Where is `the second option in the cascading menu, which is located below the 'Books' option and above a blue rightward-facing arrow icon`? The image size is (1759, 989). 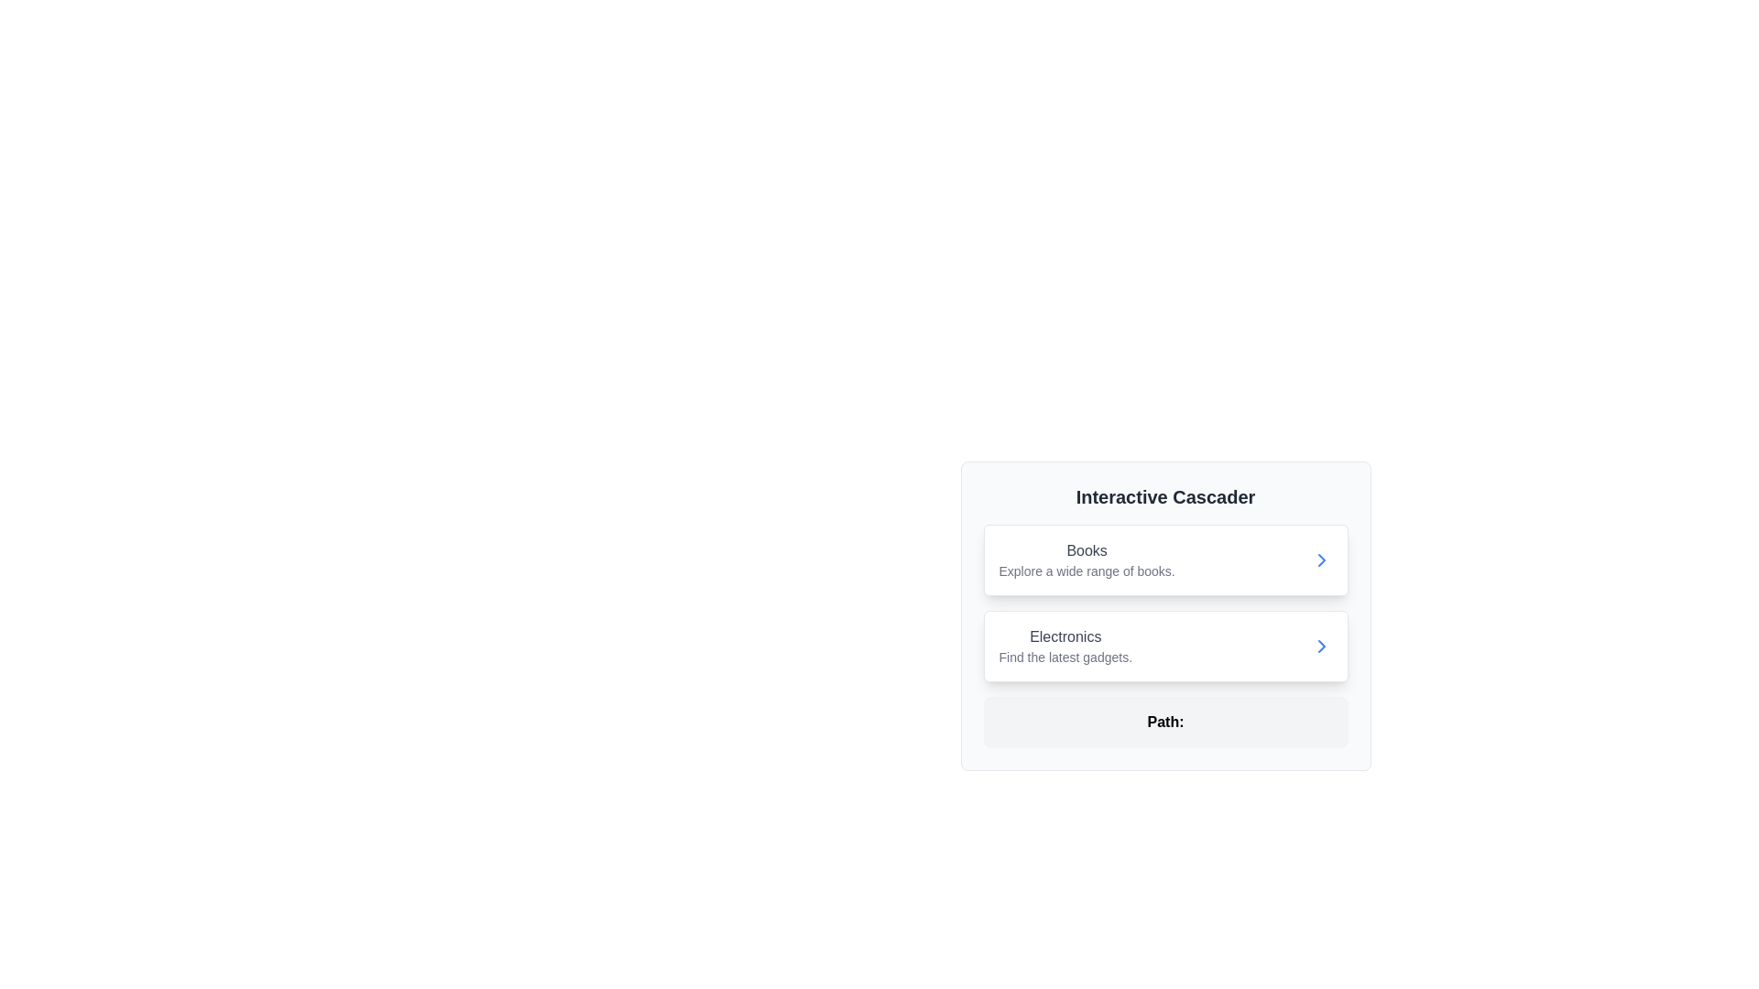 the second option in the cascading menu, which is located below the 'Books' option and above a blue rightward-facing arrow icon is located at coordinates (1065, 645).